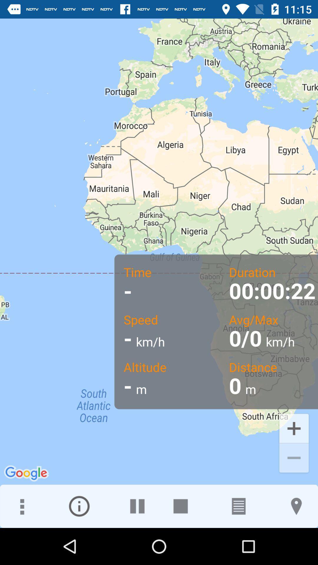 Image resolution: width=318 pixels, height=565 pixels. I want to click on the location icon, so click(296, 506).